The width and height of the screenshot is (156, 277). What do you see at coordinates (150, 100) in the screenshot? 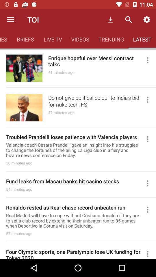
I see `show more options` at bounding box center [150, 100].